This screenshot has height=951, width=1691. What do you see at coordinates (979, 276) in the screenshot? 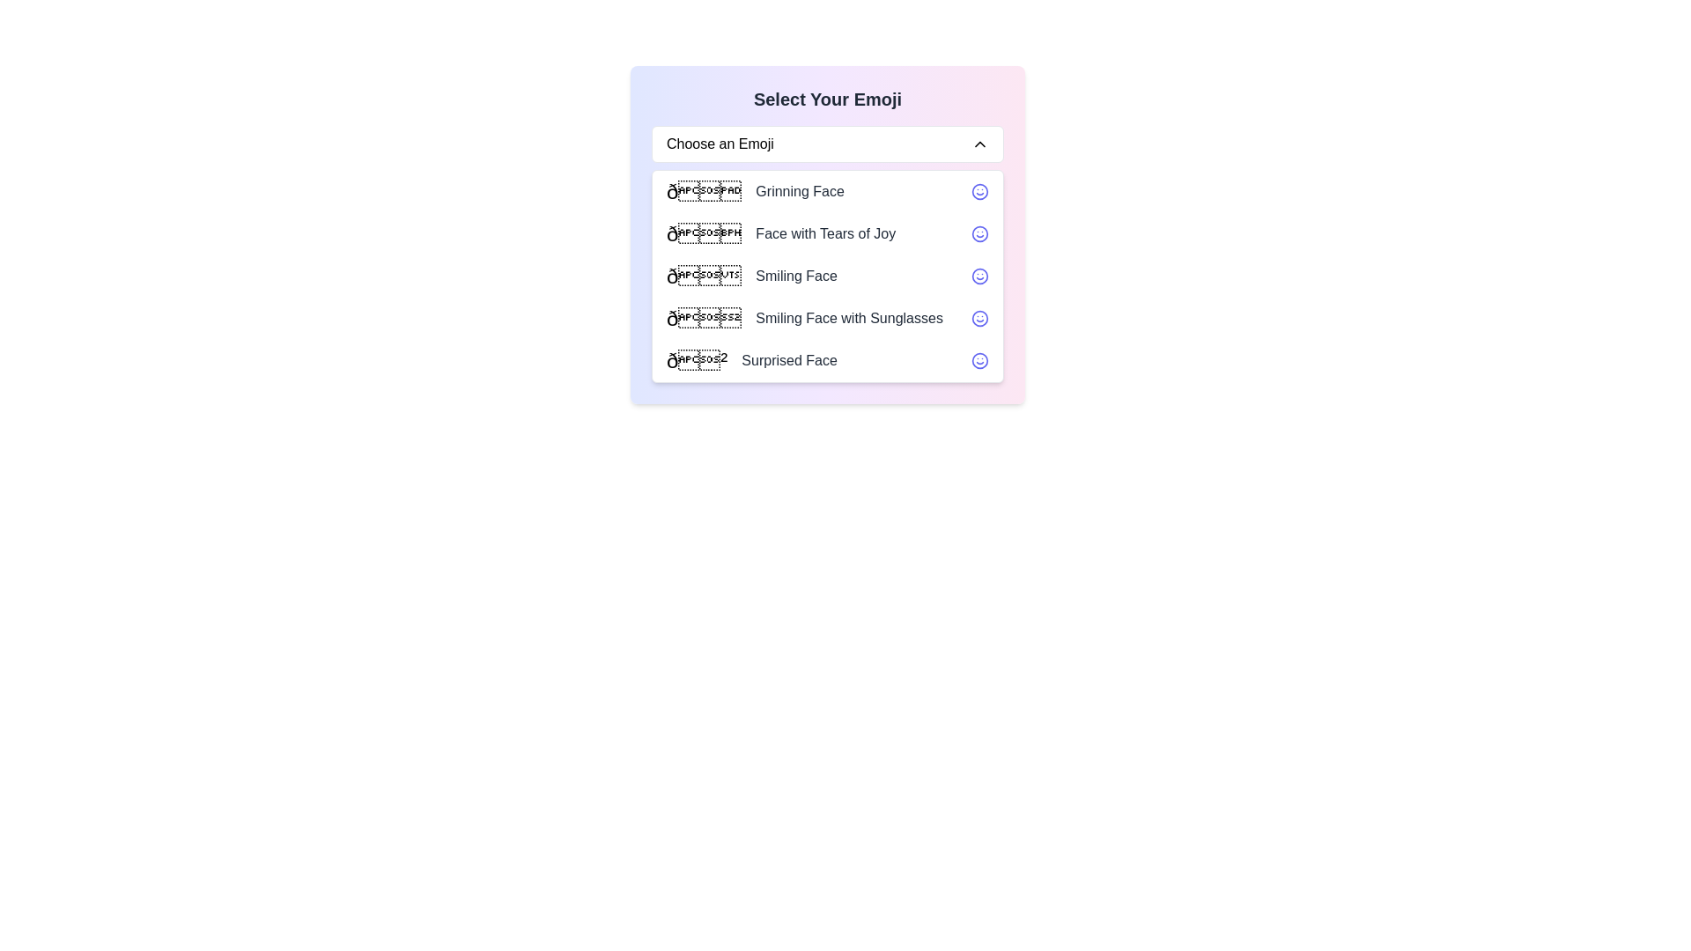
I see `the indigo circular element within the SVG icon representing a smiling face, located in the third entry of the 'Select Your Emoji' dropdown list` at bounding box center [979, 276].